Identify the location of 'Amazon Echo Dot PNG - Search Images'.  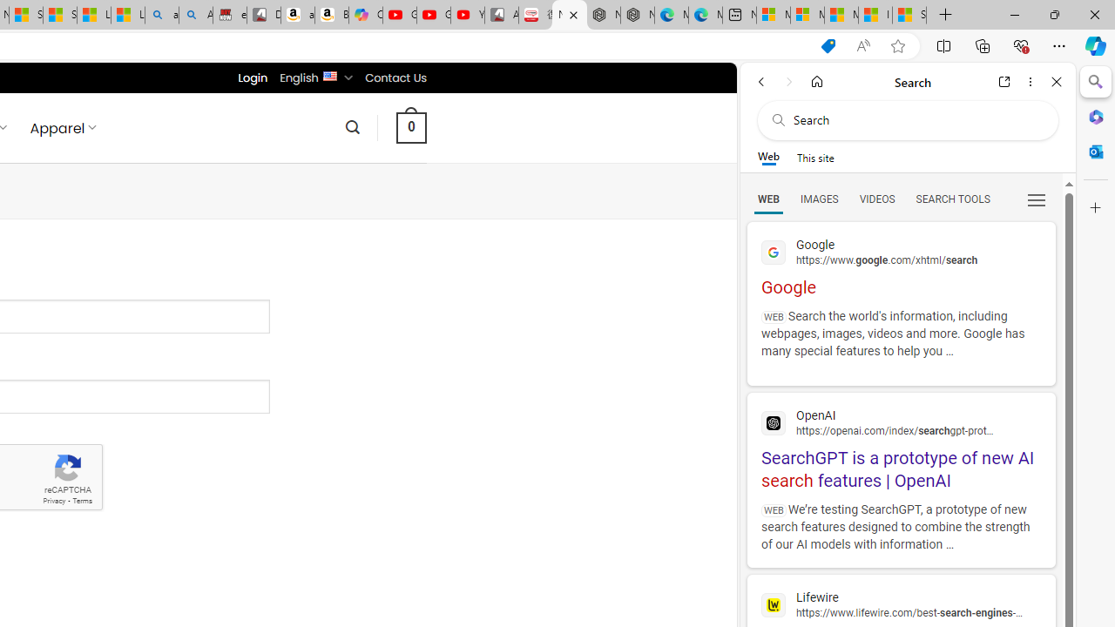
(196, 15).